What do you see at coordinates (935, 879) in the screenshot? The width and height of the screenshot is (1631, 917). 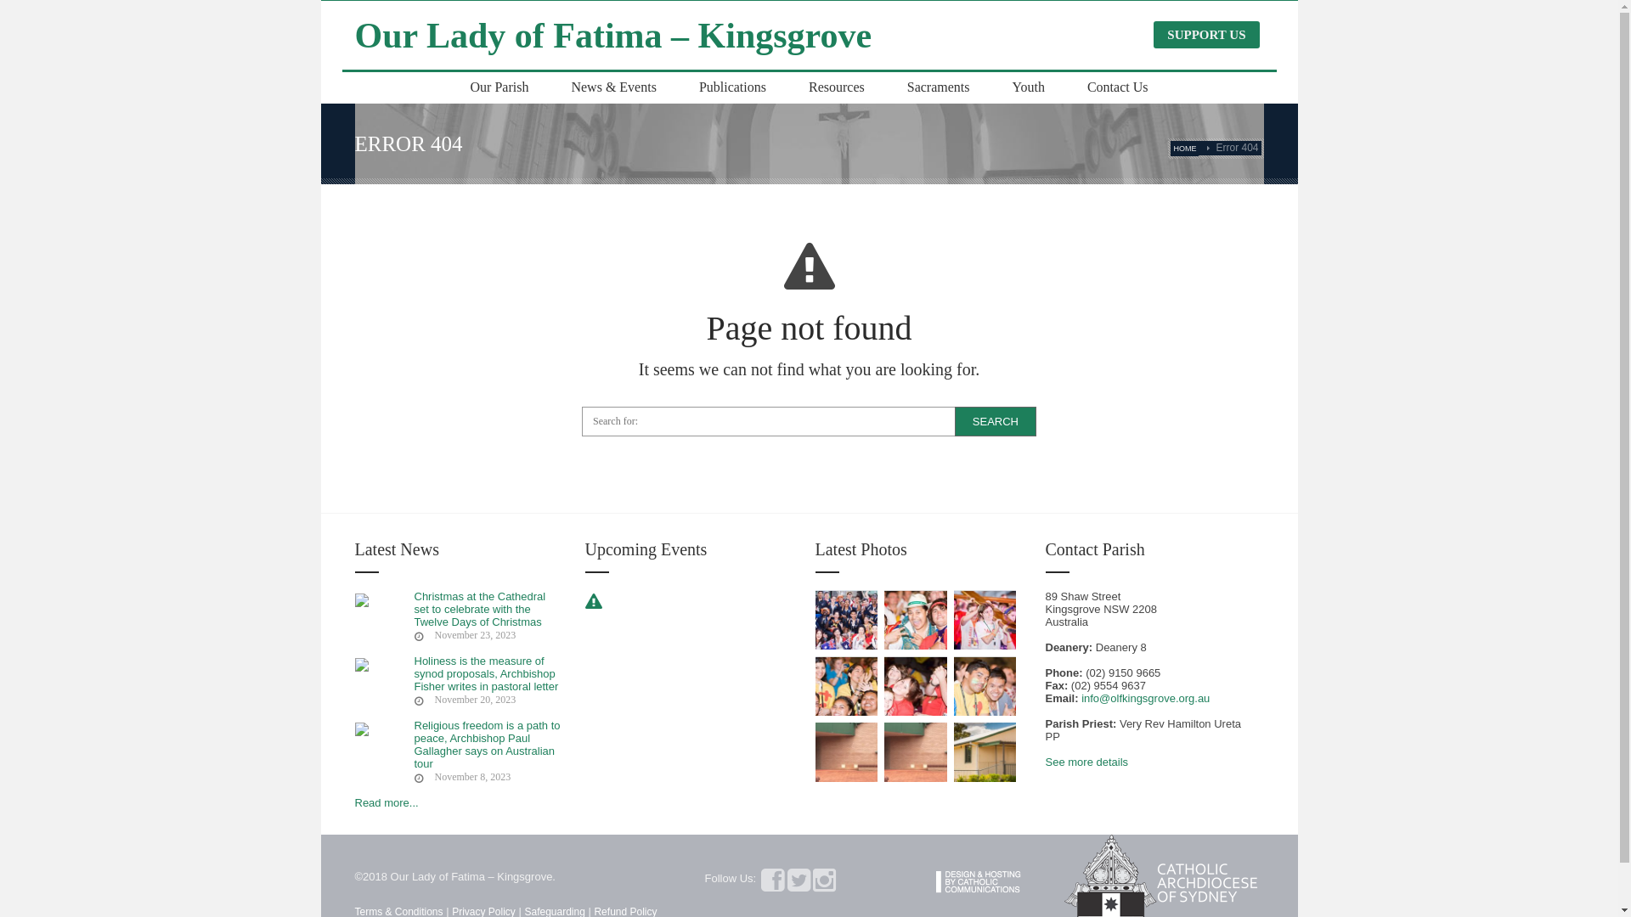 I see `'Catholic Communications - Sydney Archdiocese'` at bounding box center [935, 879].